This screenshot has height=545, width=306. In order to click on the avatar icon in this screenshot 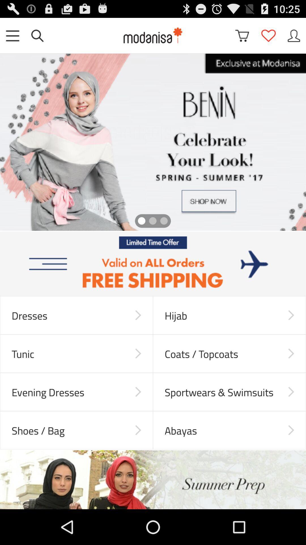, I will do `click(294, 38)`.